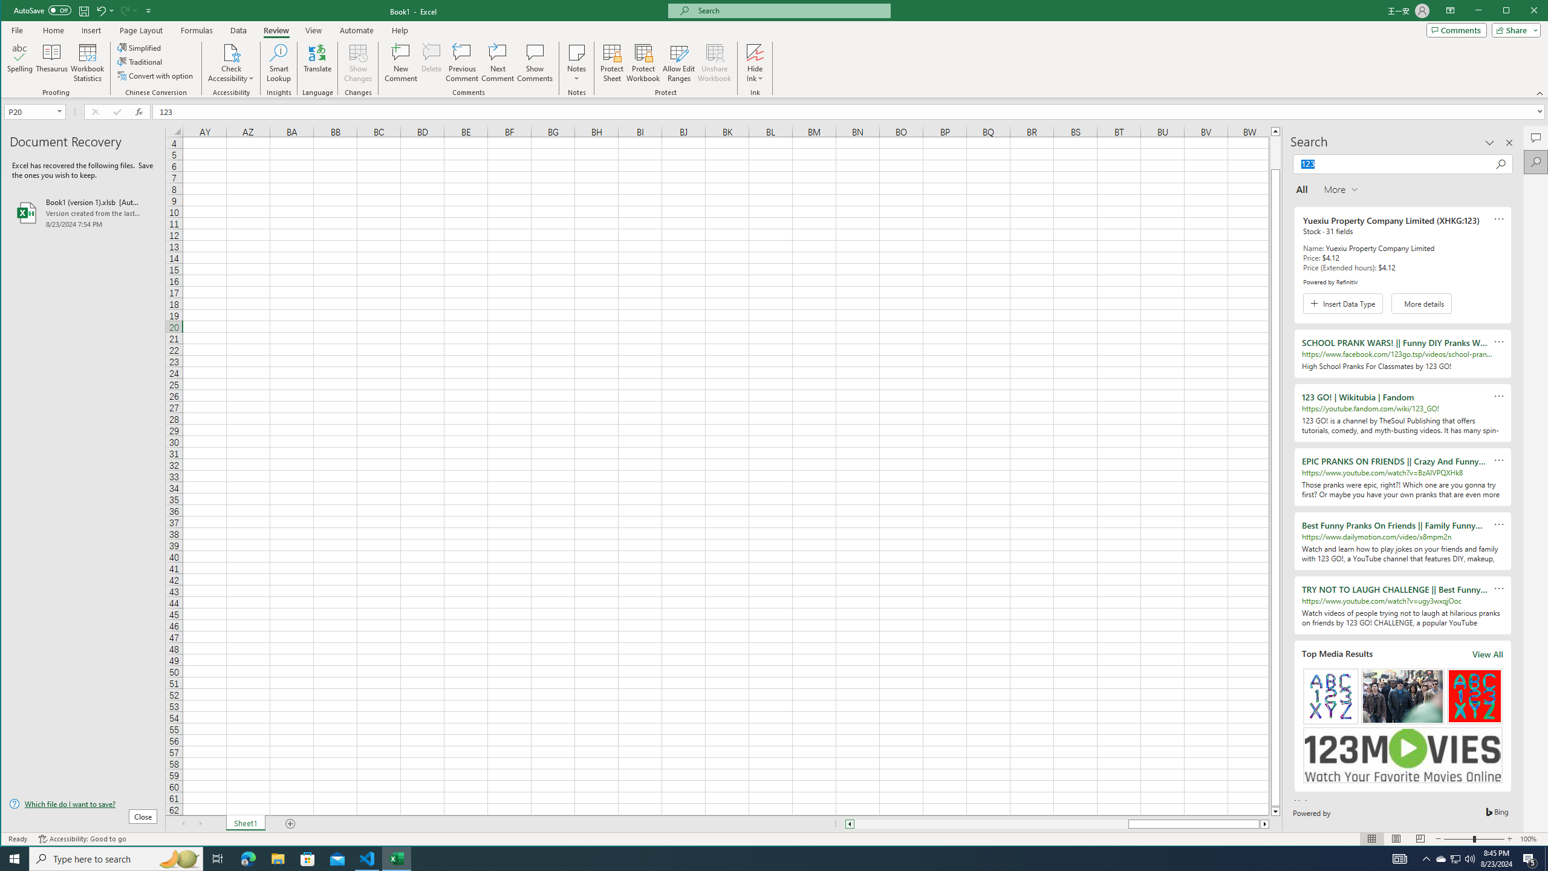 Image resolution: width=1548 pixels, height=871 pixels. I want to click on 'Help', so click(399, 30).